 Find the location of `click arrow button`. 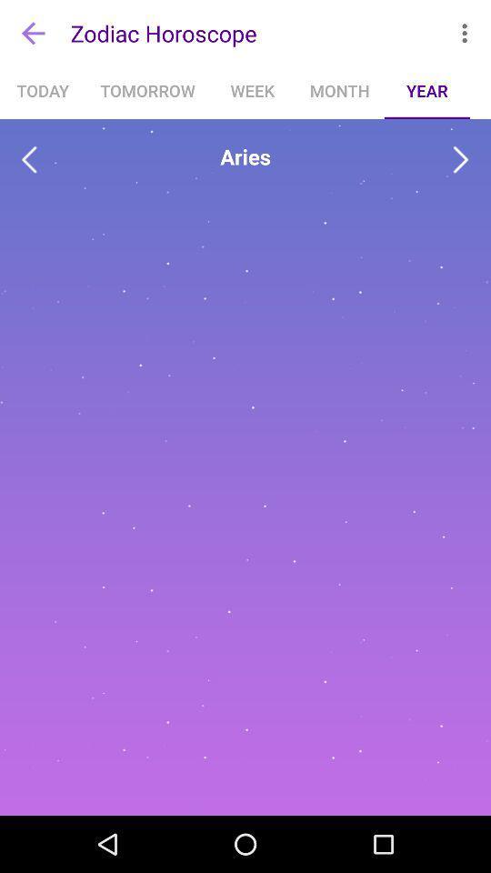

click arrow button is located at coordinates (461, 159).